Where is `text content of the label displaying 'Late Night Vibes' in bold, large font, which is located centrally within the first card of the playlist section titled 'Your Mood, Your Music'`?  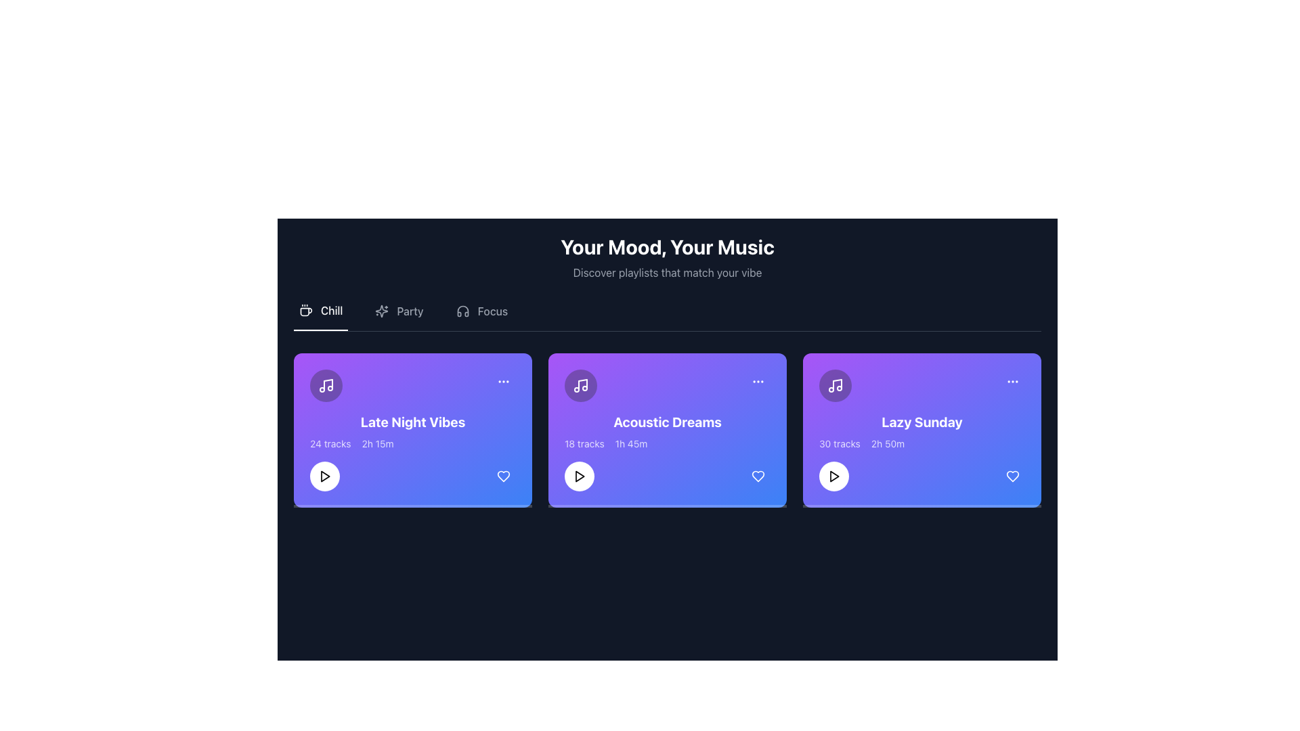
text content of the label displaying 'Late Night Vibes' in bold, large font, which is located centrally within the first card of the playlist section titled 'Your Mood, Your Music' is located at coordinates (412, 422).